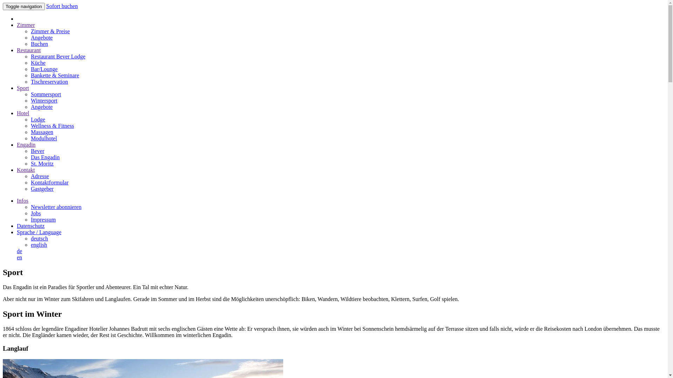 This screenshot has width=673, height=378. What do you see at coordinates (55, 75) in the screenshot?
I see `'Bankette & Seminare'` at bounding box center [55, 75].